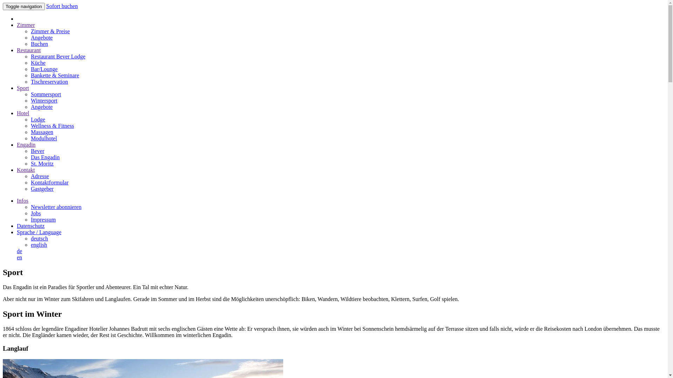 This screenshot has width=673, height=378. What do you see at coordinates (55, 75) in the screenshot?
I see `'Bankette & Seminare'` at bounding box center [55, 75].